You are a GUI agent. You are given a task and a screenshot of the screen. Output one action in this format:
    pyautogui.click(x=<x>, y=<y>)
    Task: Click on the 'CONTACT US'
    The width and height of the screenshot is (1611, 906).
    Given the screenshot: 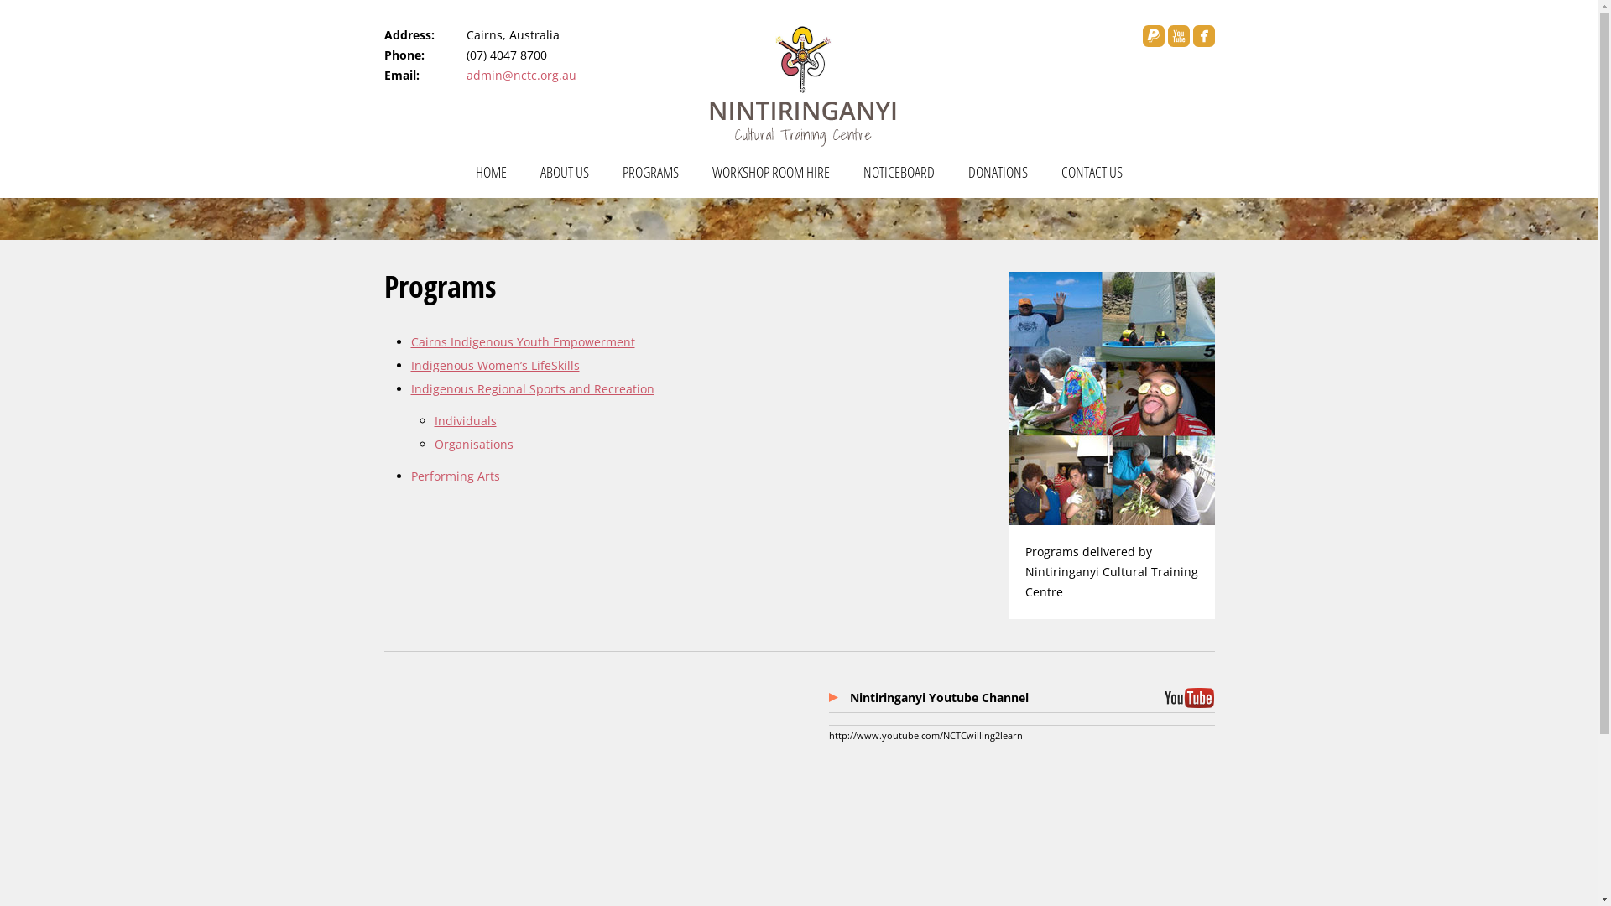 What is the action you would take?
    pyautogui.click(x=1092, y=178)
    